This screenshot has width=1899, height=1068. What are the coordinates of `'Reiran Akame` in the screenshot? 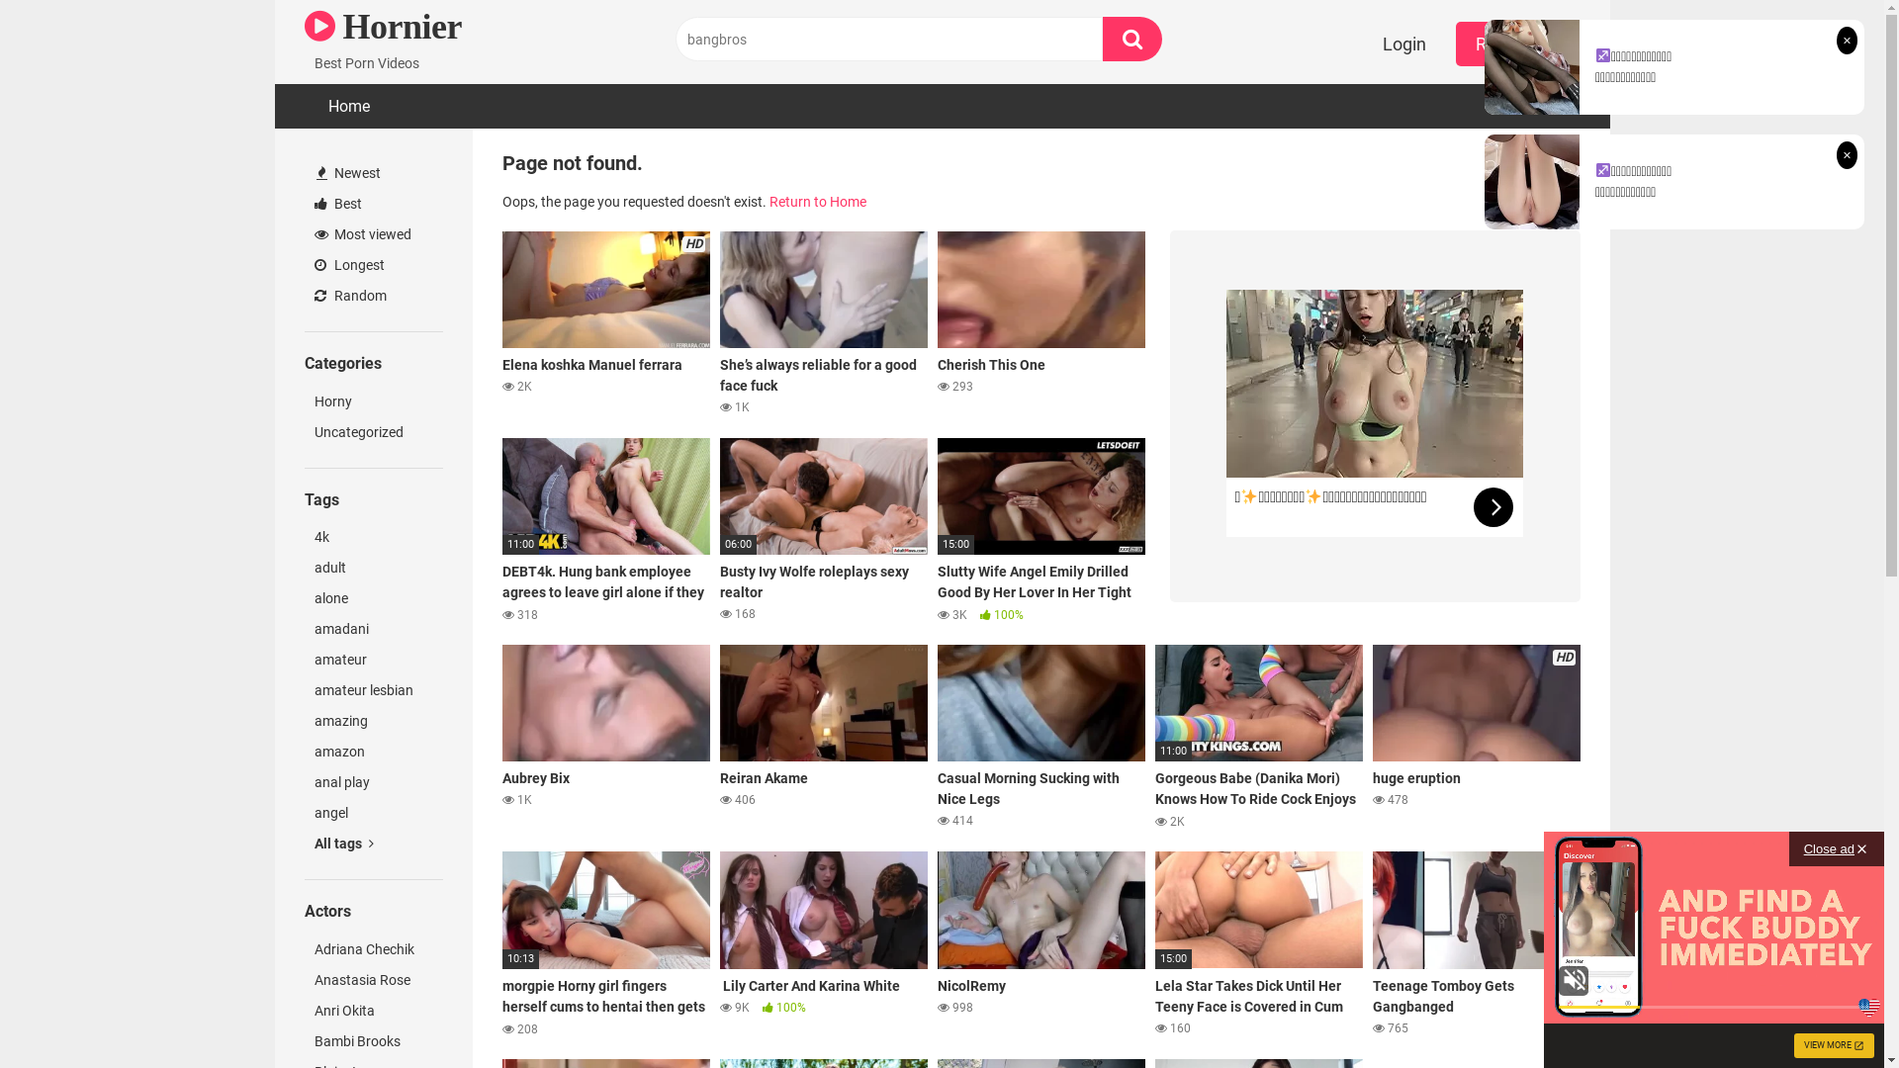 It's located at (824, 737).